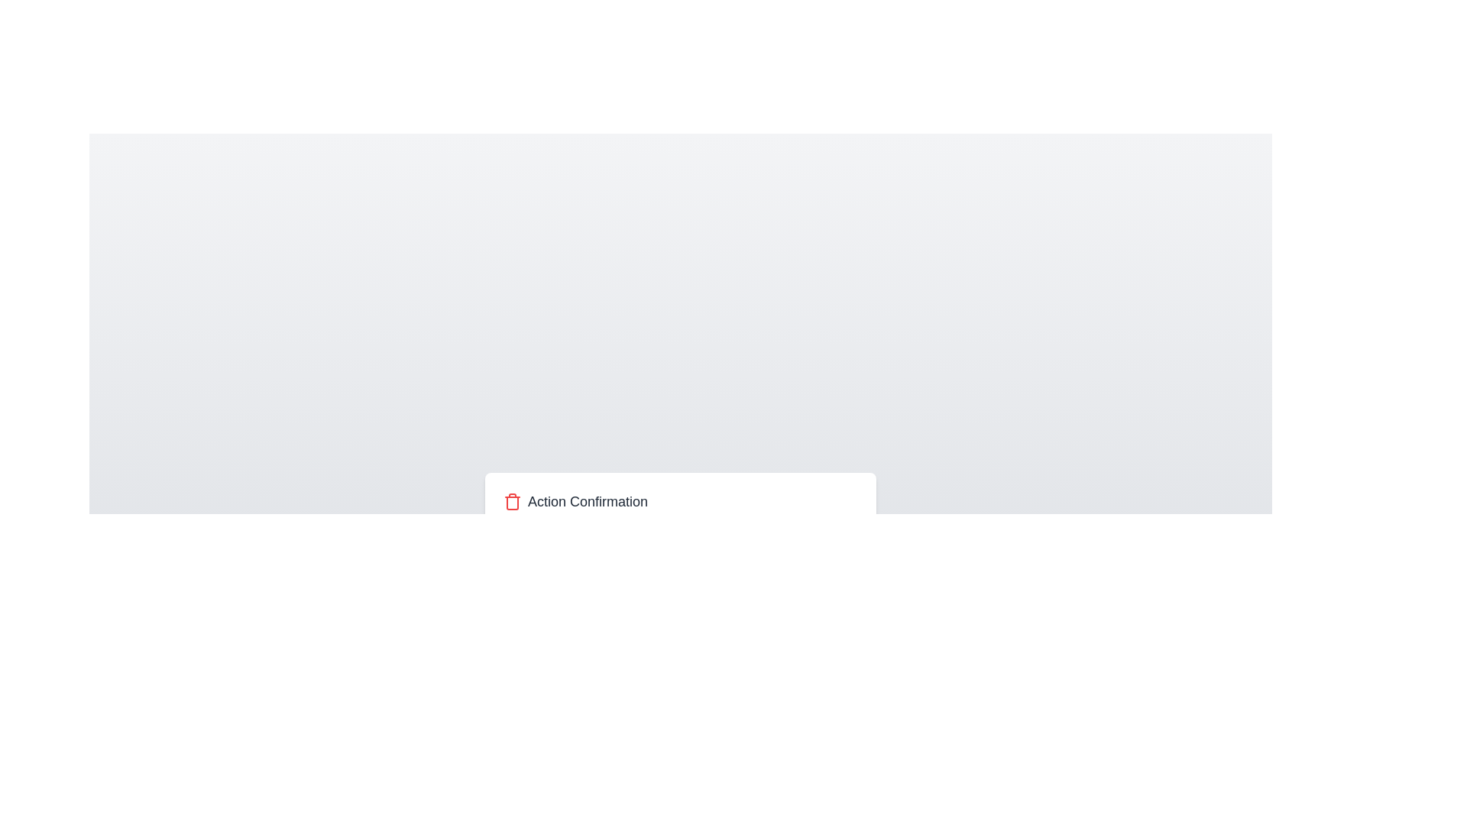 The width and height of the screenshot is (1467, 825). I want to click on the deletion icon located to the left of the 'Action Confirmation' text label in the lower portion of the interface, so click(513, 501).